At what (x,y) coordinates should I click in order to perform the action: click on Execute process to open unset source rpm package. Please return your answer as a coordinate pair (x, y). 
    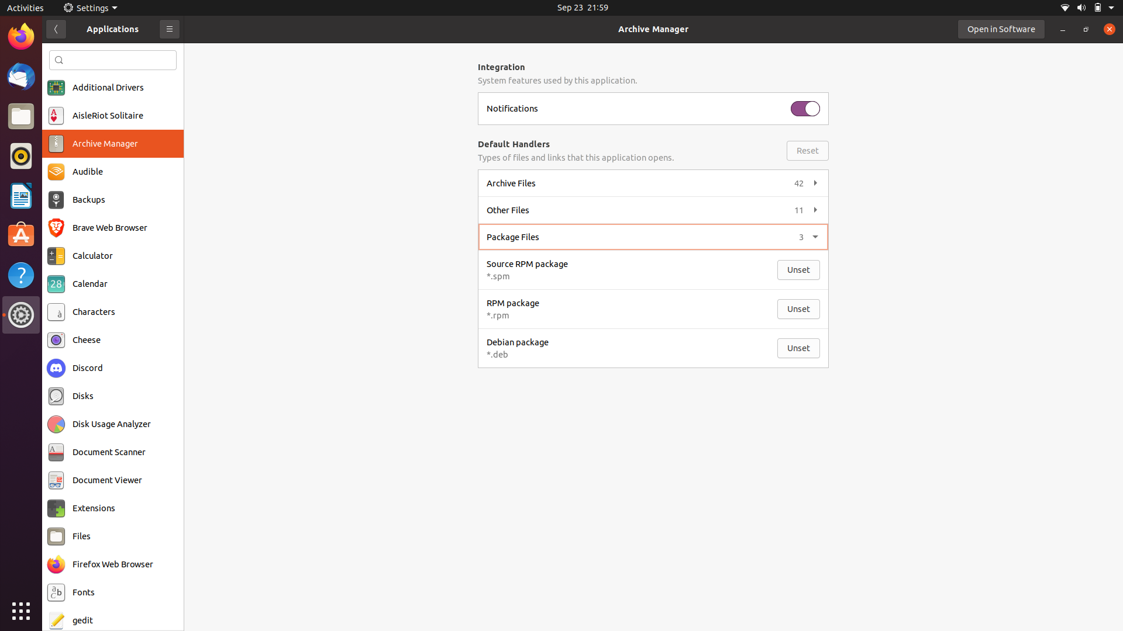
    Looking at the image, I should click on (799, 270).